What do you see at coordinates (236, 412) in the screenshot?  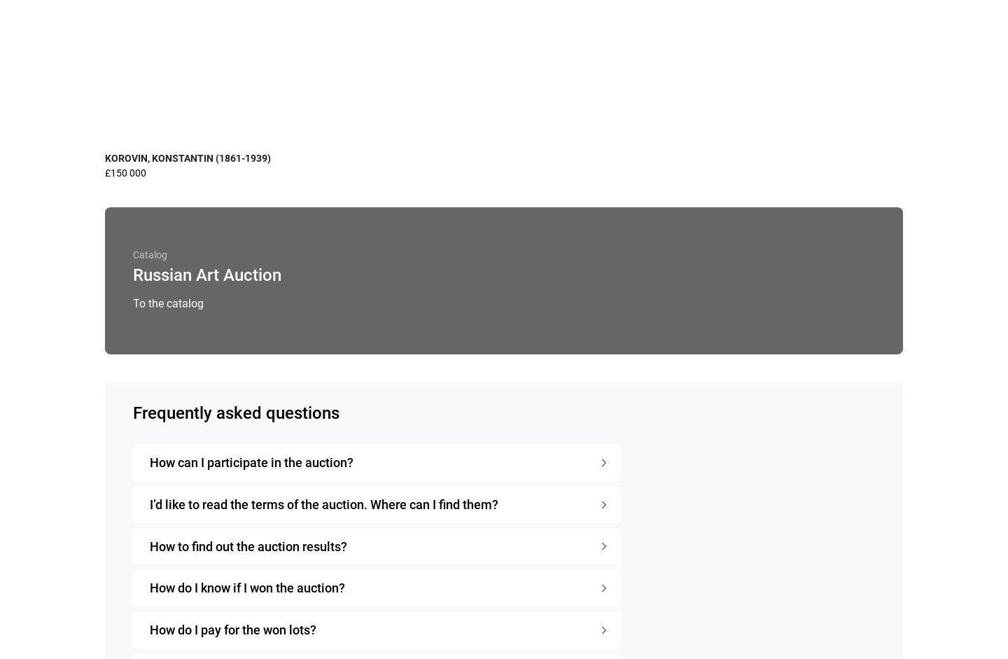 I see `'Frequently asked questions'` at bounding box center [236, 412].